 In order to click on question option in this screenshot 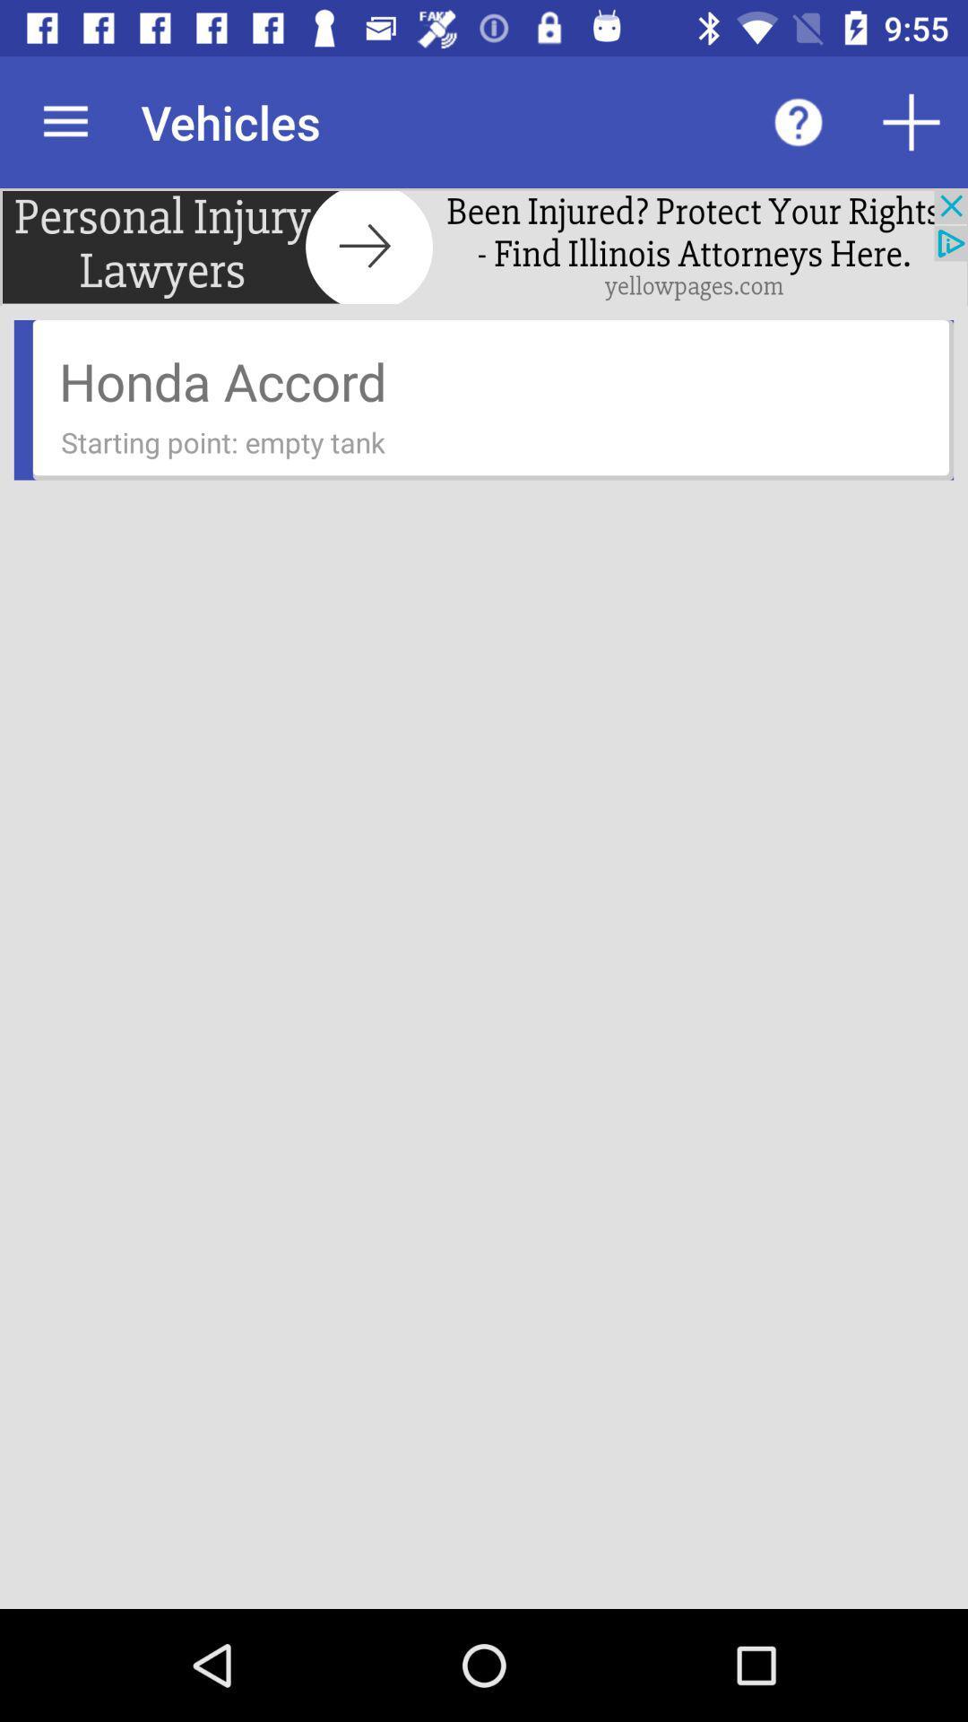, I will do `click(798, 121)`.